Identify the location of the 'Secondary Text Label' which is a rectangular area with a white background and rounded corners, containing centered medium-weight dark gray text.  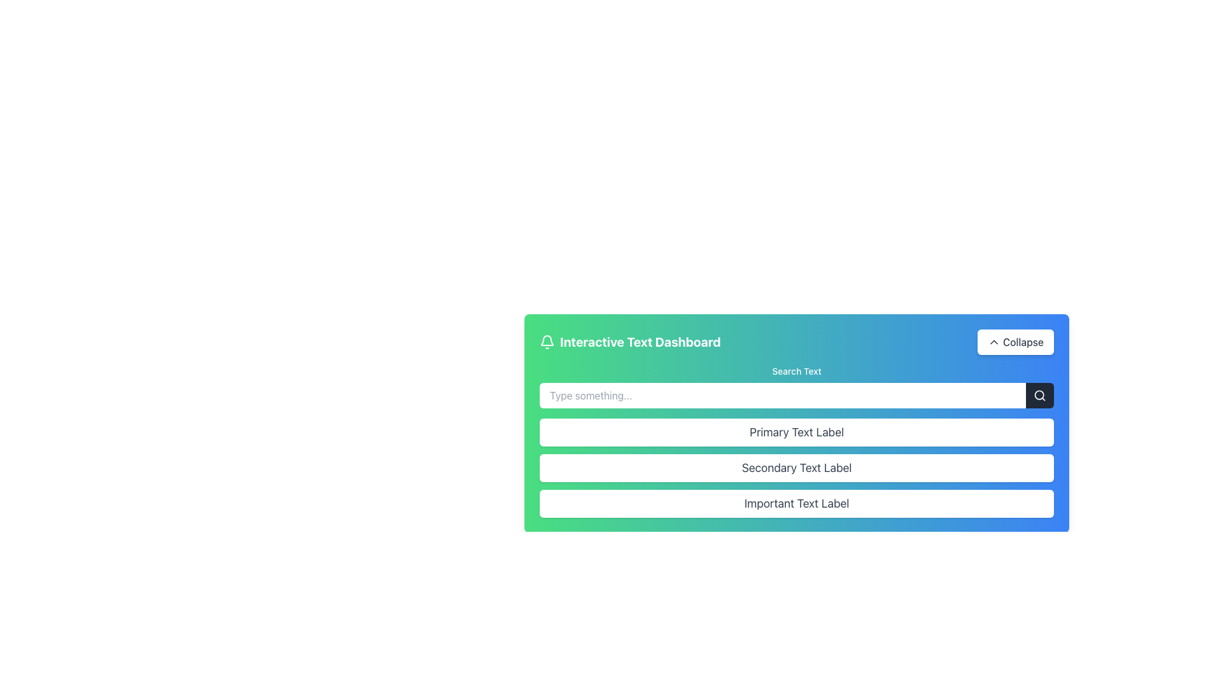
(796, 468).